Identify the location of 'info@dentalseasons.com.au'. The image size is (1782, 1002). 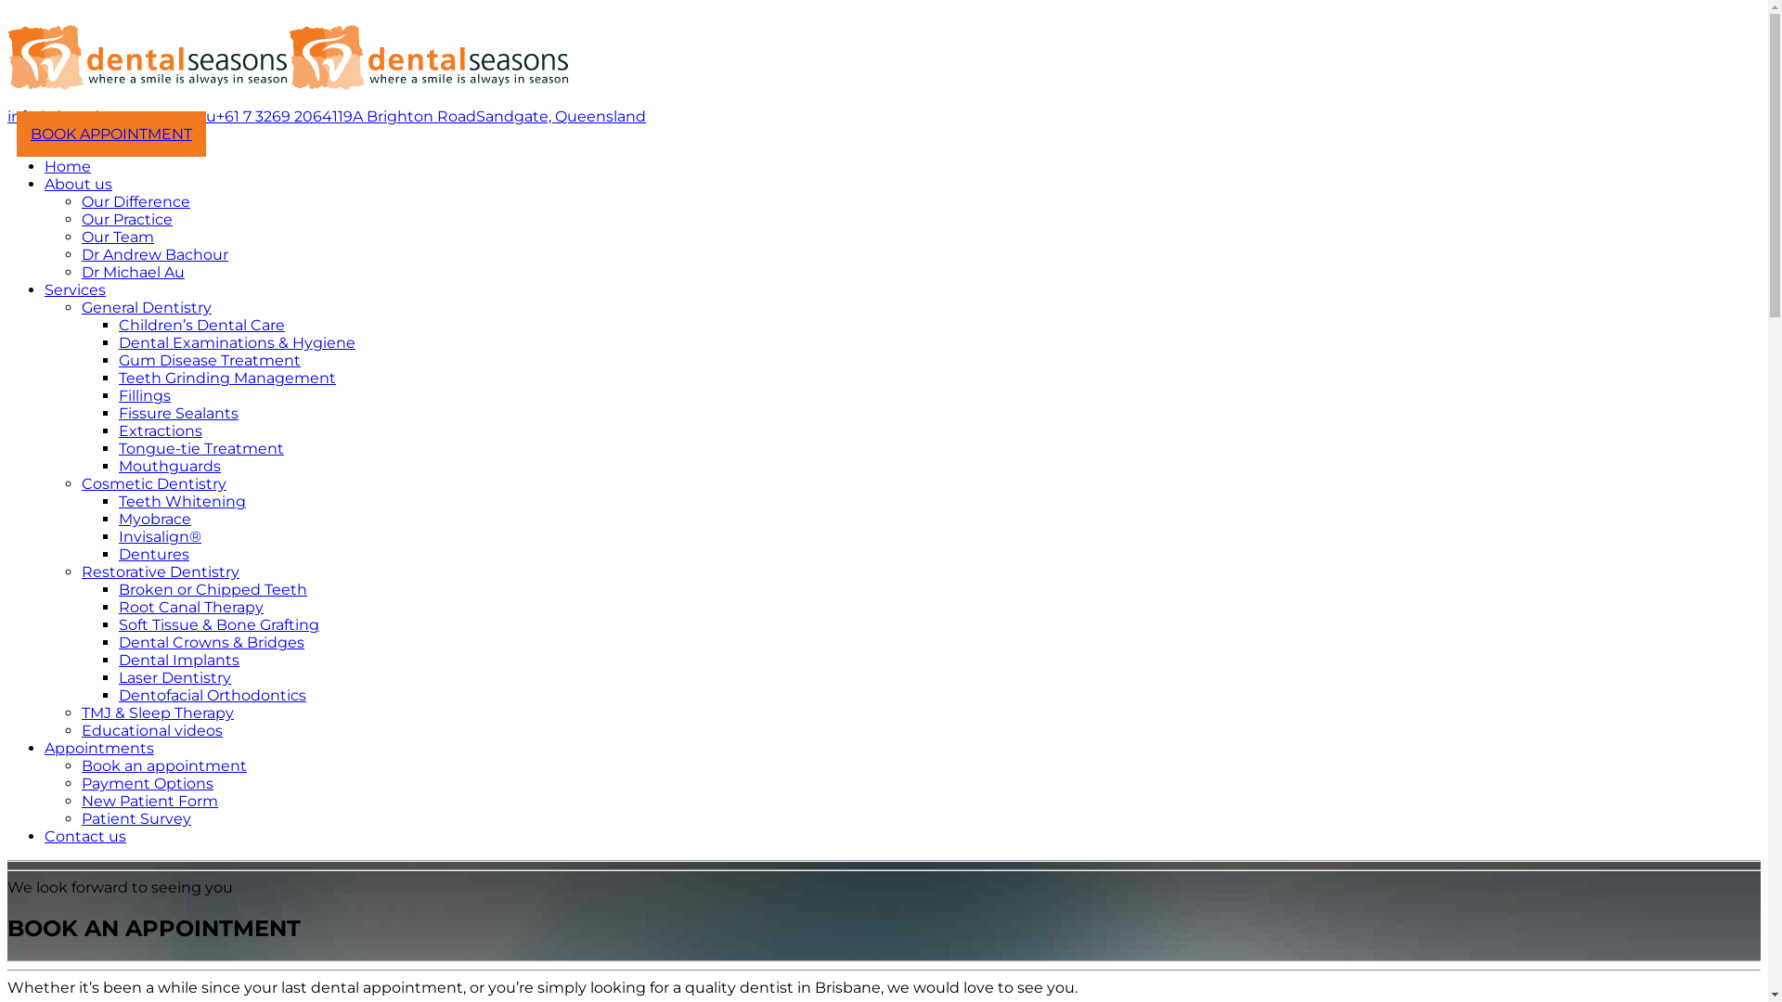
(110, 116).